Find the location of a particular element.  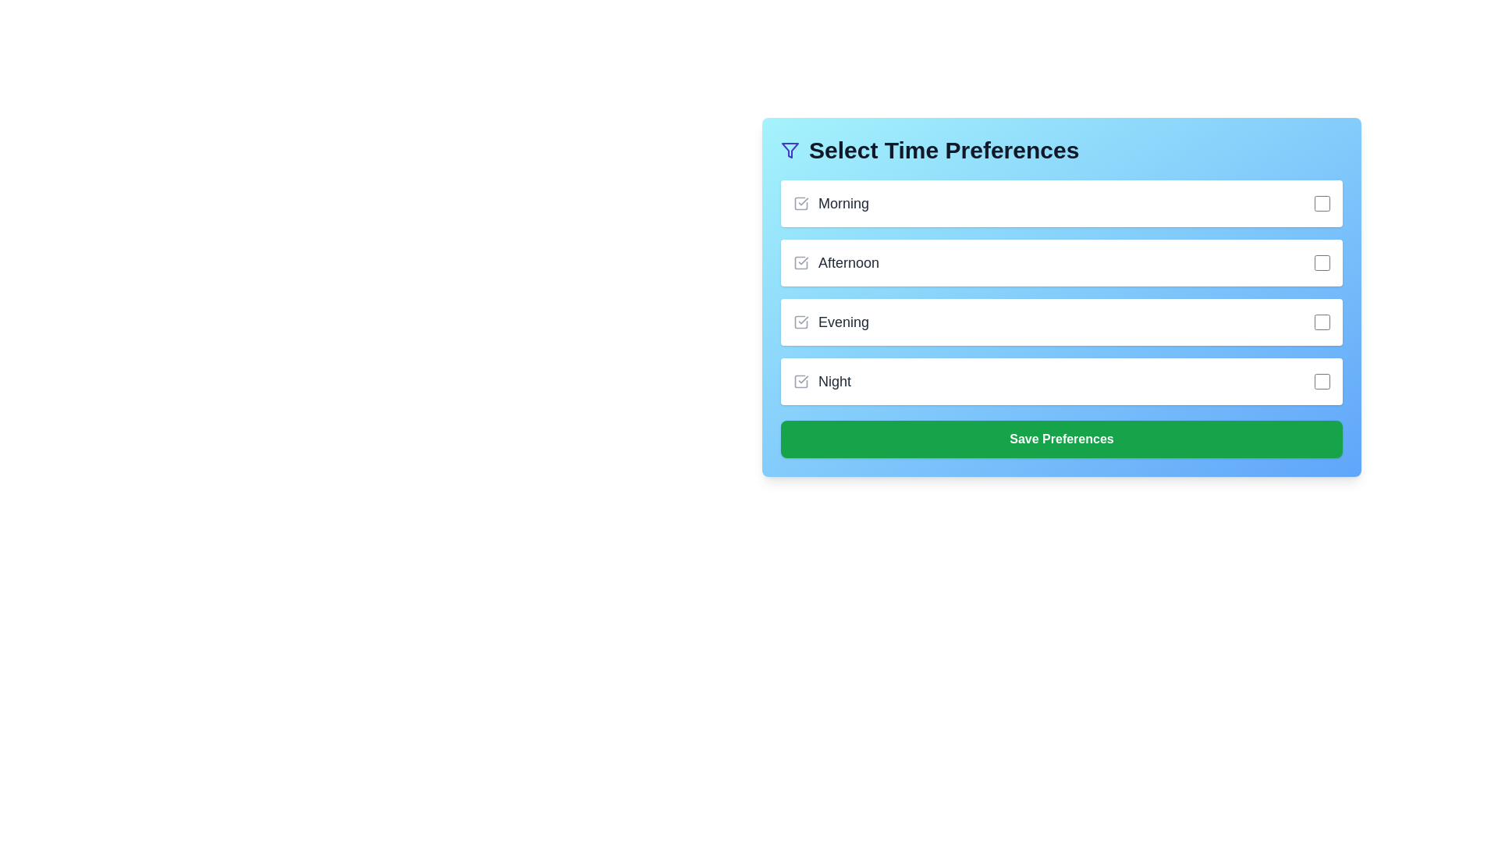

the 'Night' time slot checkbox is located at coordinates (1321, 382).